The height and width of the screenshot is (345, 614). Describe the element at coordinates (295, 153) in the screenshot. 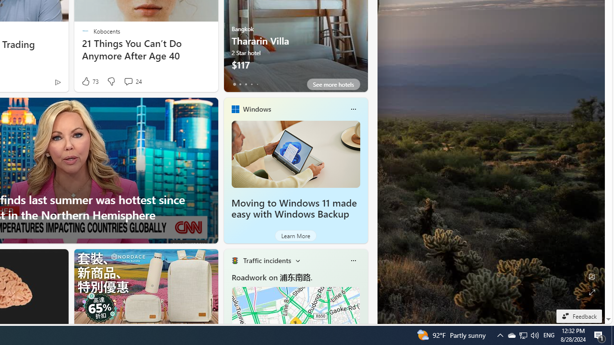

I see `'Moving to Windows 11 made easy with Windows Backup'` at that location.